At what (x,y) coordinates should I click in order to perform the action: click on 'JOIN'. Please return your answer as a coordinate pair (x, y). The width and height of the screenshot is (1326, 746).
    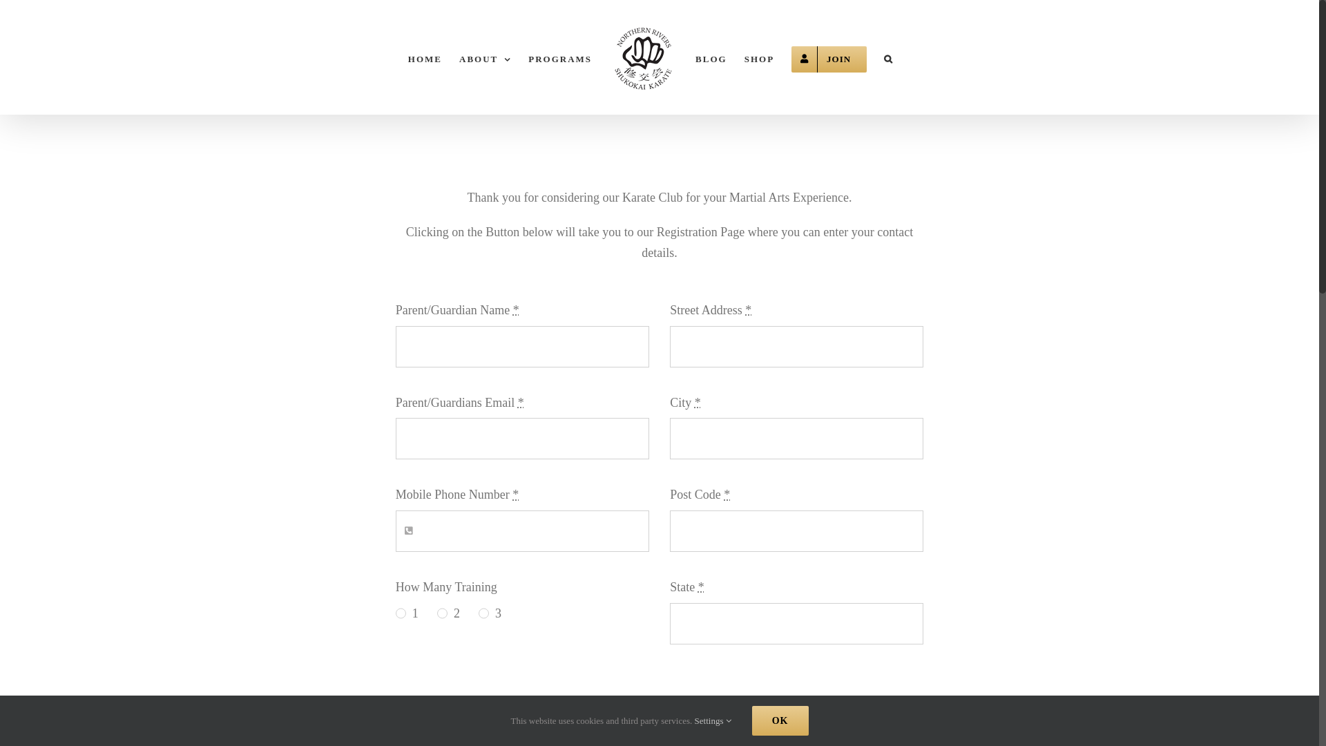
    Looking at the image, I should click on (829, 57).